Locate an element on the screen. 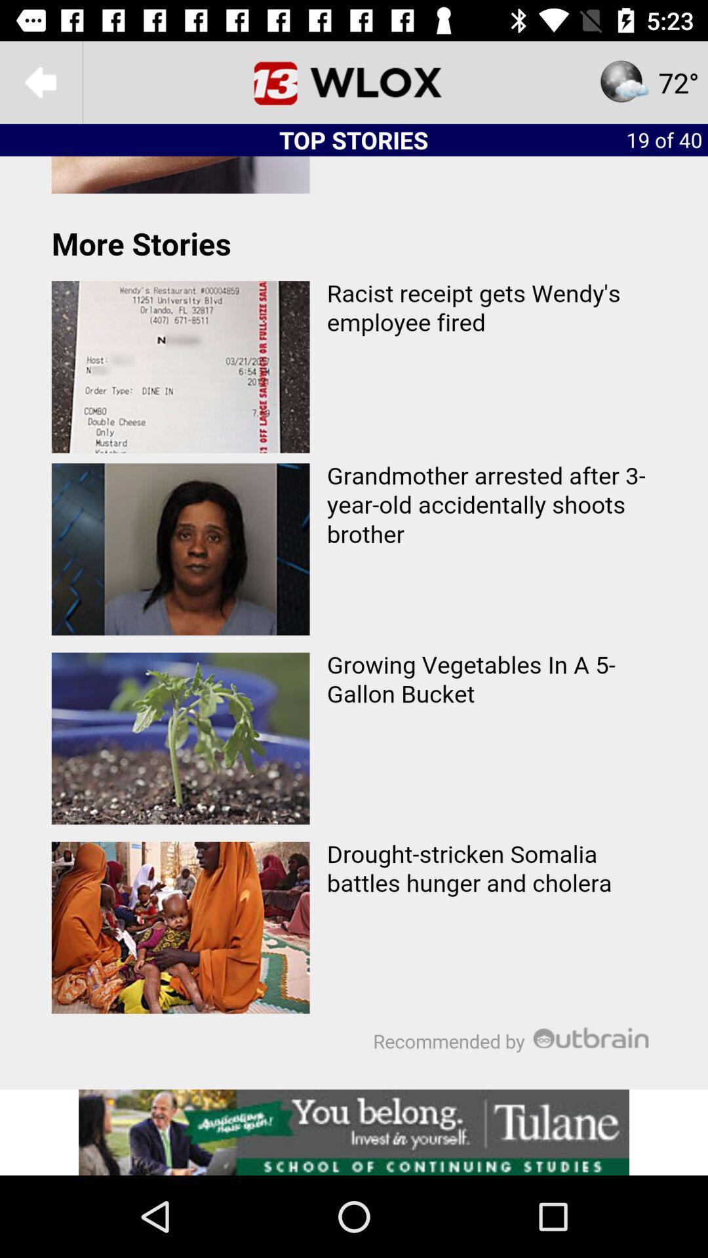  click on advertisement is located at coordinates (354, 1132).